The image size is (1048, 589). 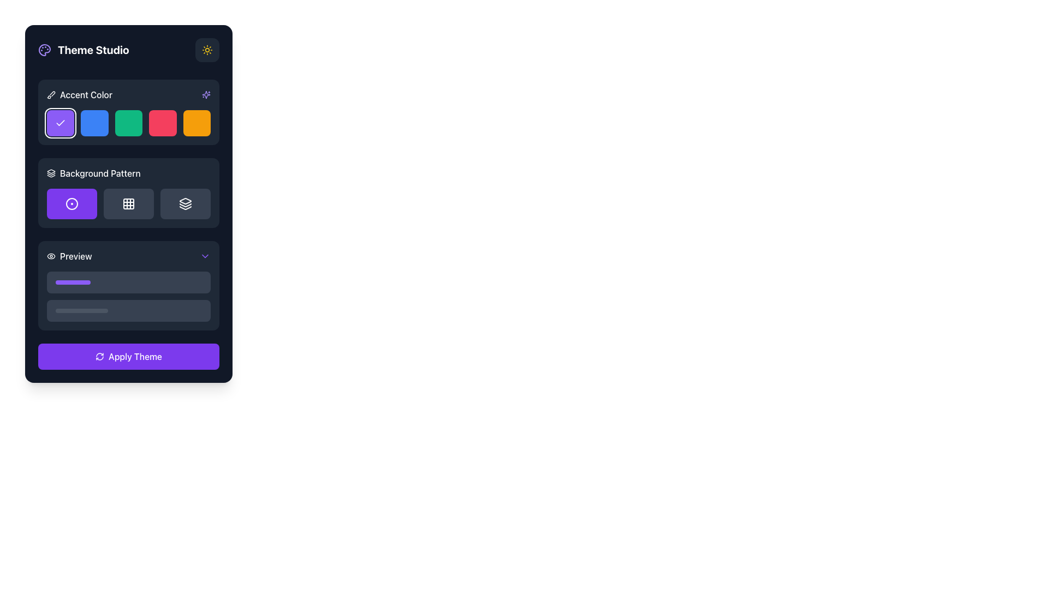 What do you see at coordinates (128, 123) in the screenshot?
I see `the green accent color button in the 'Accent Color' section` at bounding box center [128, 123].